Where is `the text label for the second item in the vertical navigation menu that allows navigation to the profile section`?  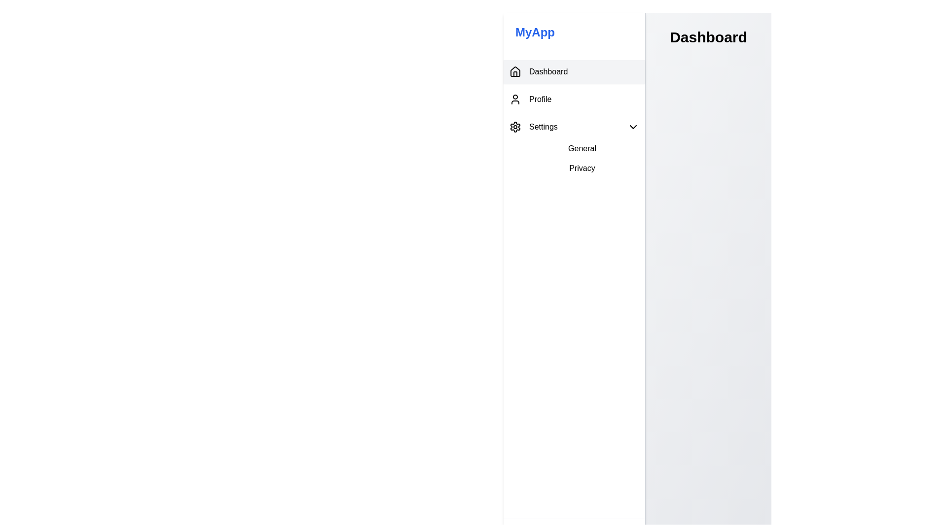
the text label for the second item in the vertical navigation menu that allows navigation to the profile section is located at coordinates (540, 99).